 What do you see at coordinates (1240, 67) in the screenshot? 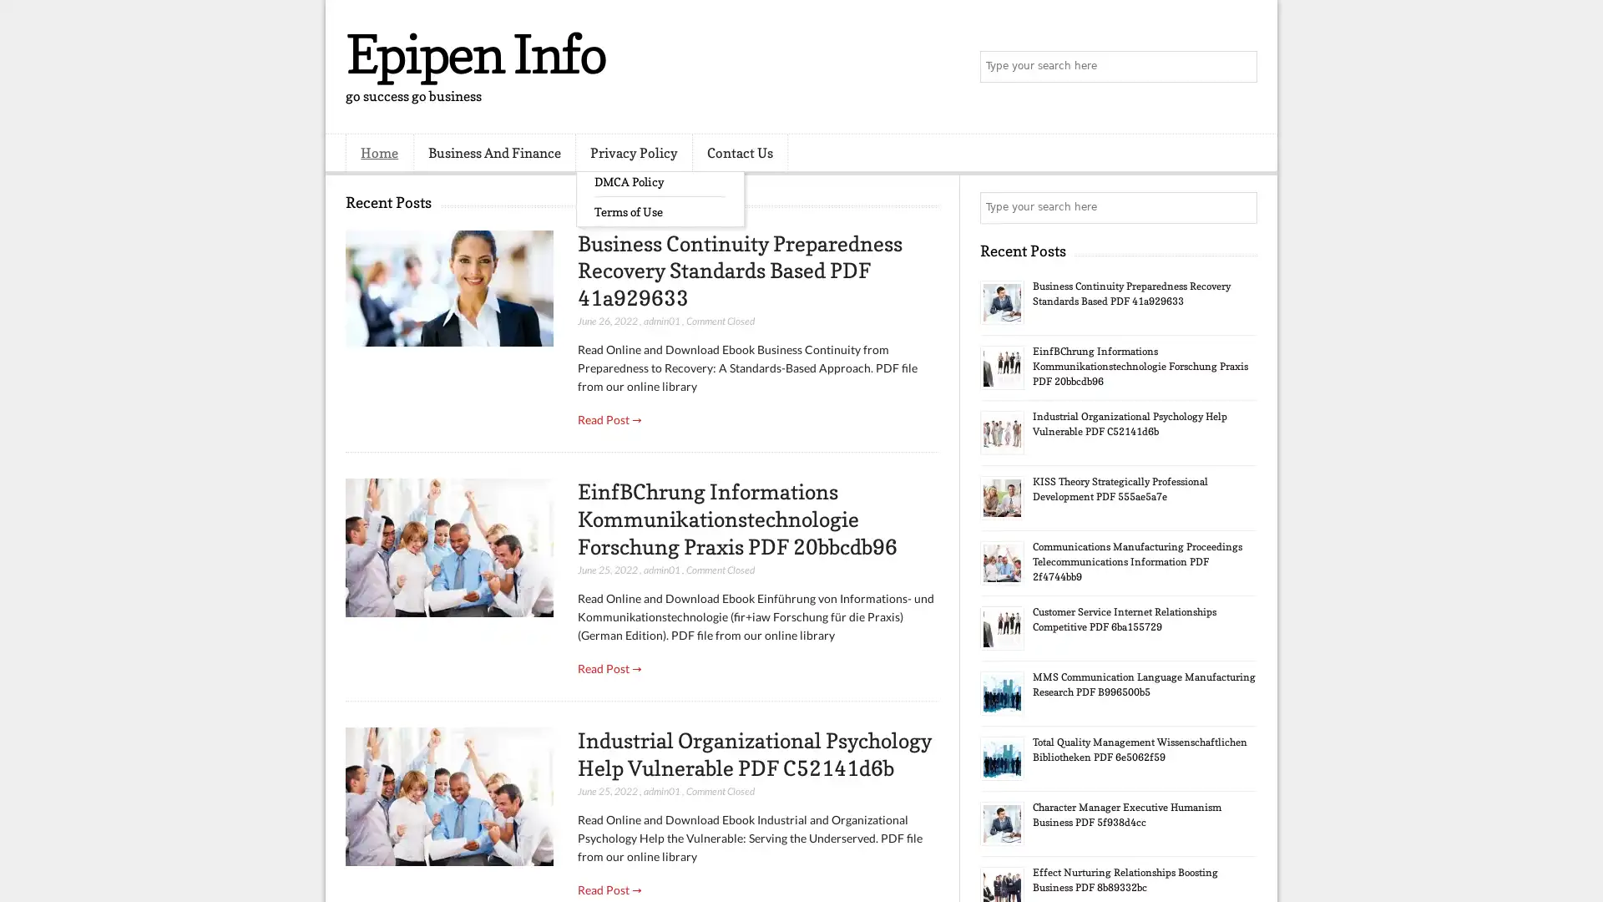
I see `Search` at bounding box center [1240, 67].